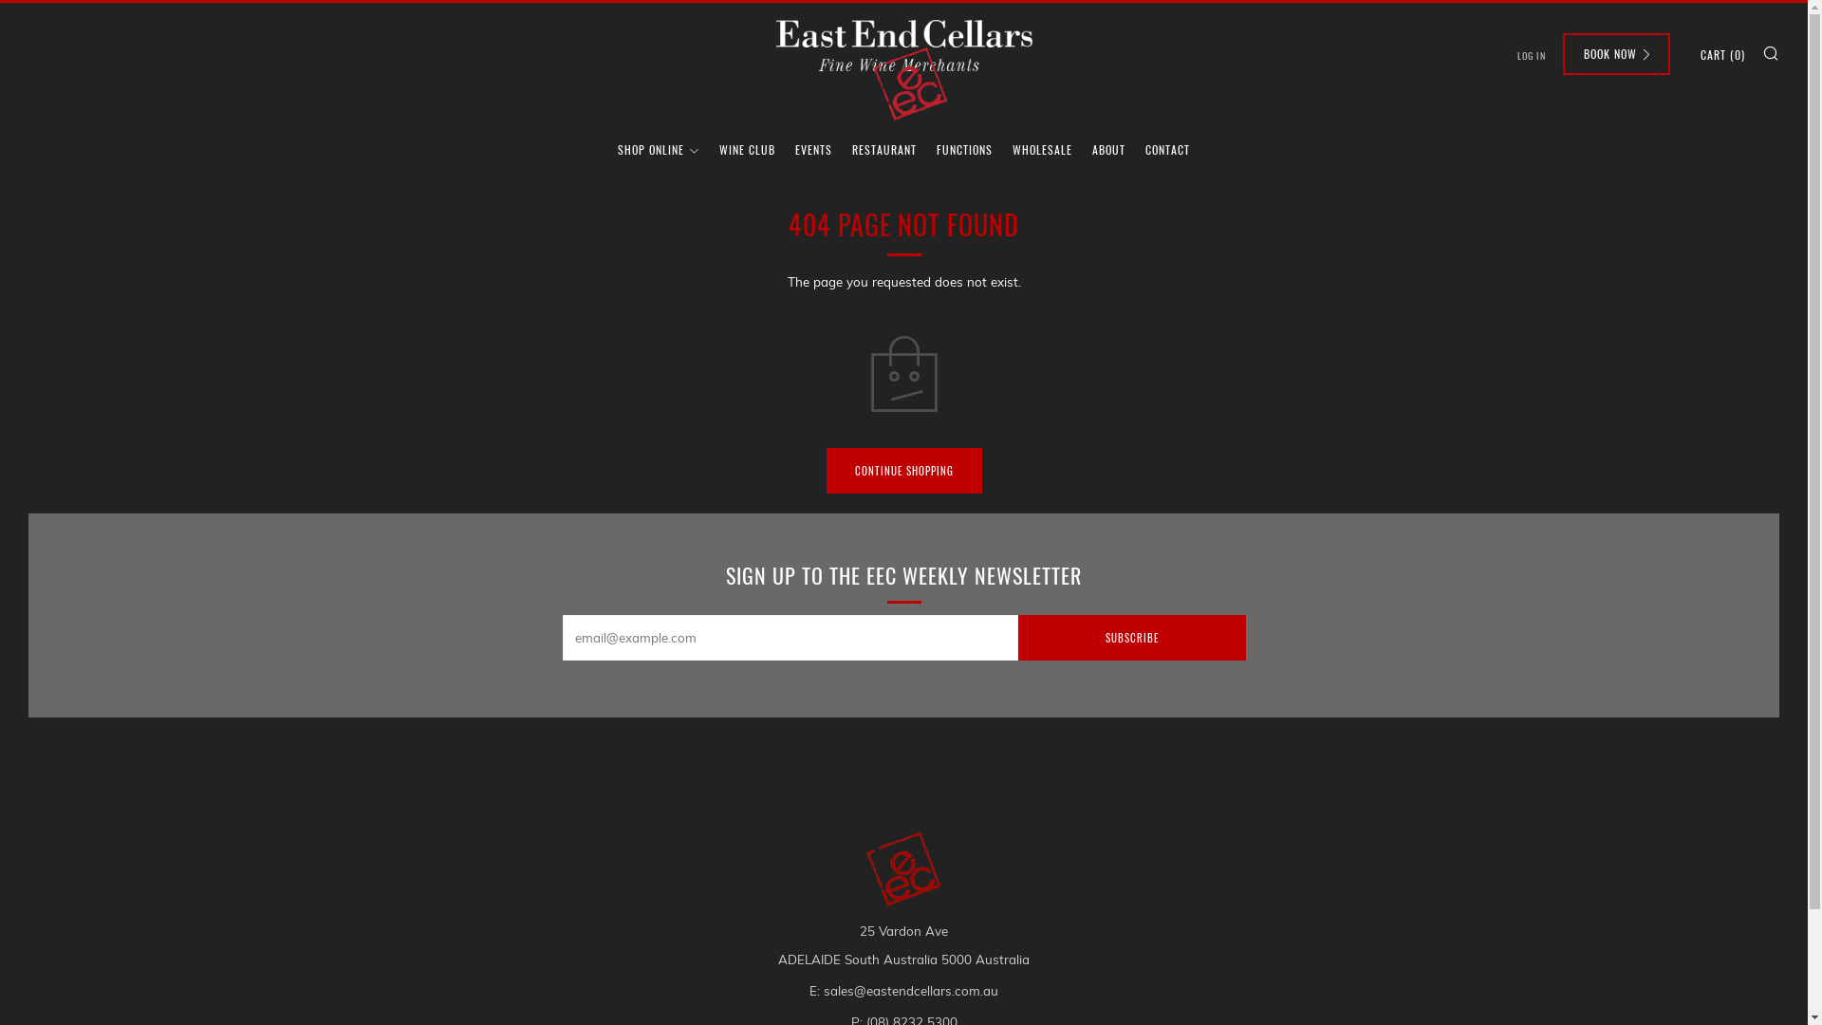 This screenshot has width=1822, height=1025. What do you see at coordinates (813, 149) in the screenshot?
I see `'EVENTS'` at bounding box center [813, 149].